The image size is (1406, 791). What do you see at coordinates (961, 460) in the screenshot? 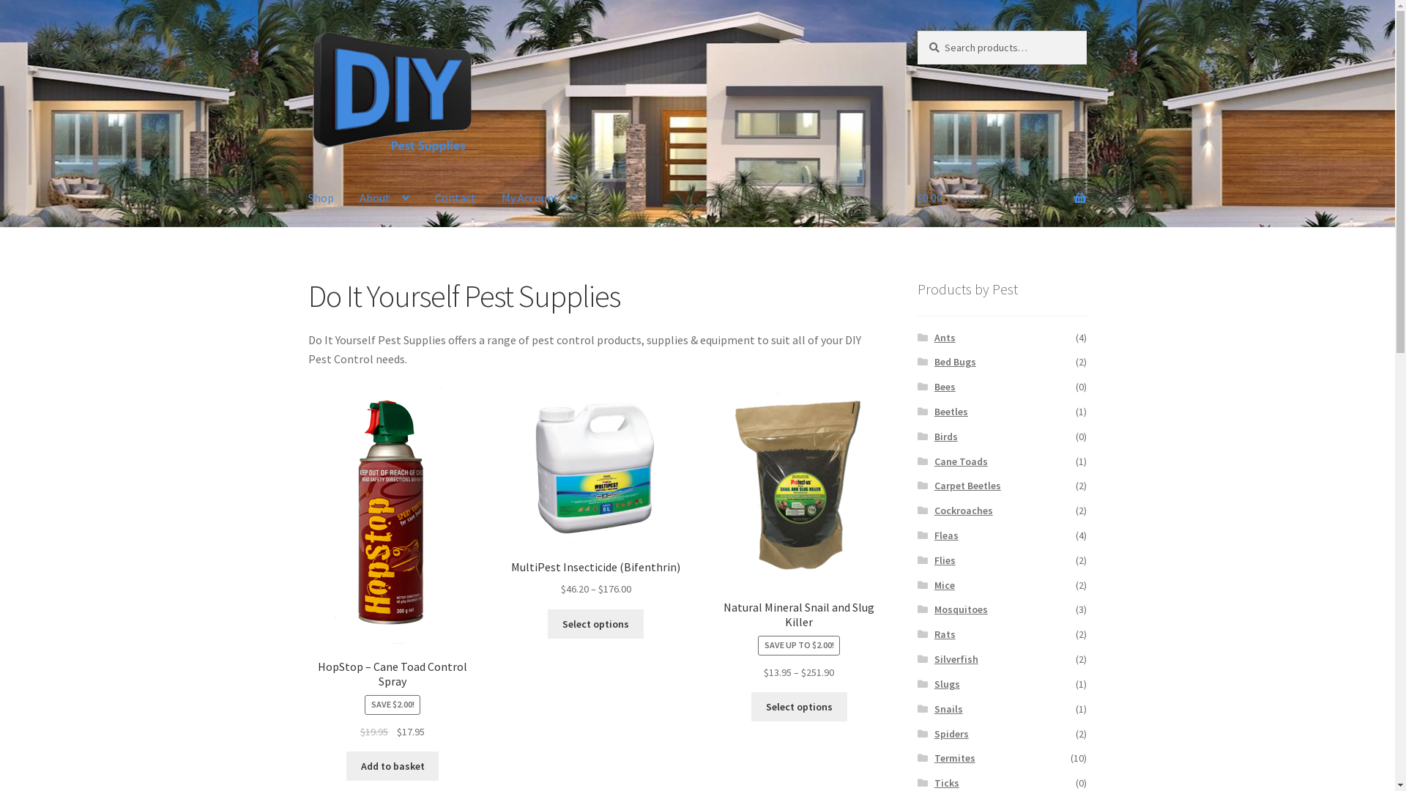
I see `'Cane Toads'` at bounding box center [961, 460].